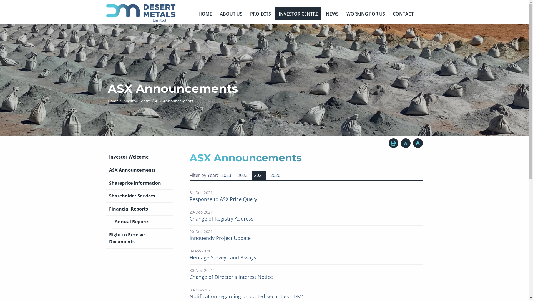  Describe the element at coordinates (139, 209) in the screenshot. I see `'Financial Reports'` at that location.